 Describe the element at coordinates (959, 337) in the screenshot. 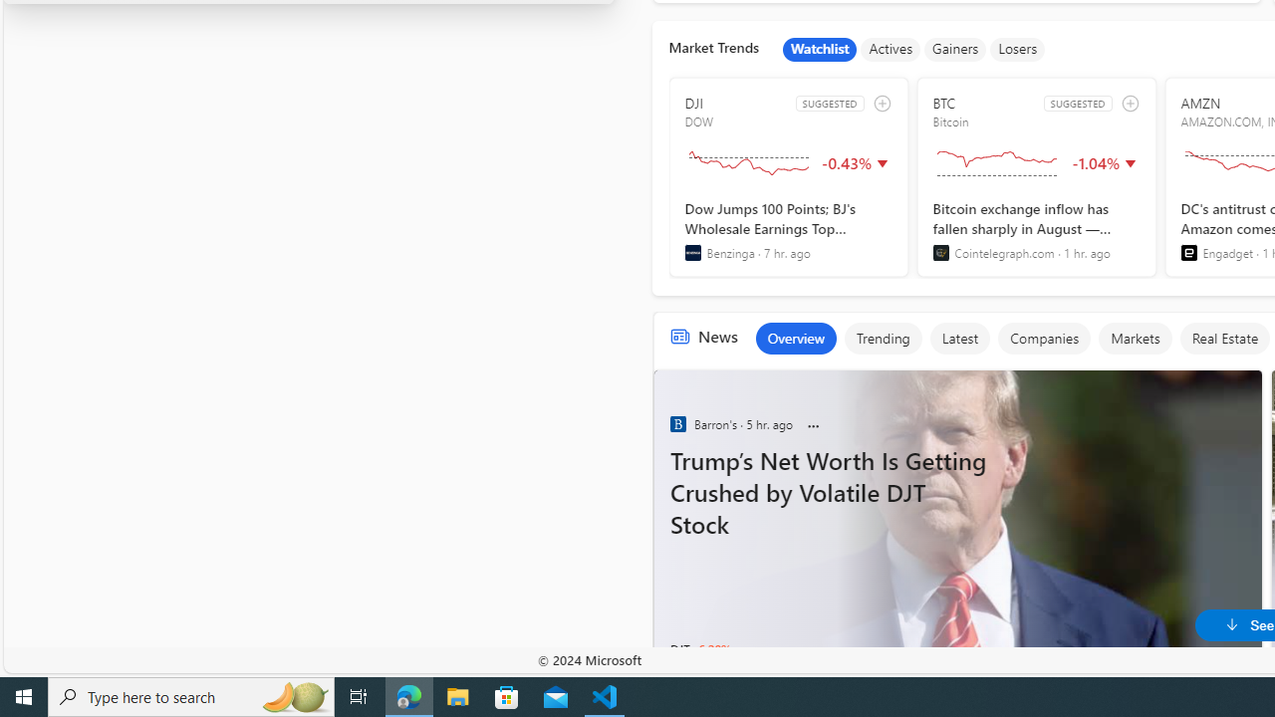

I see `'Latest'` at that location.